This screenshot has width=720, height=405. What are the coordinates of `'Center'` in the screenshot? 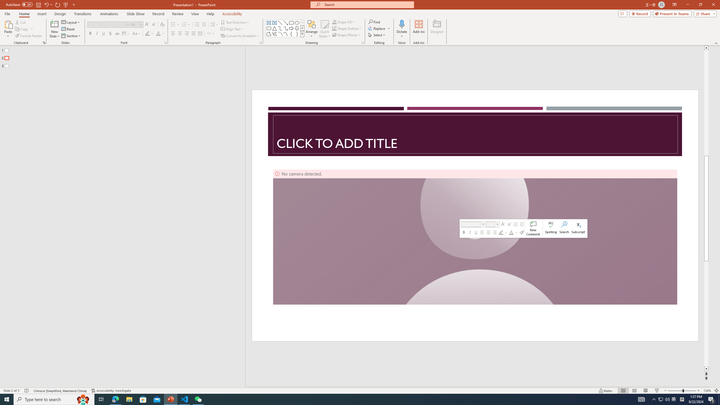 It's located at (180, 33).